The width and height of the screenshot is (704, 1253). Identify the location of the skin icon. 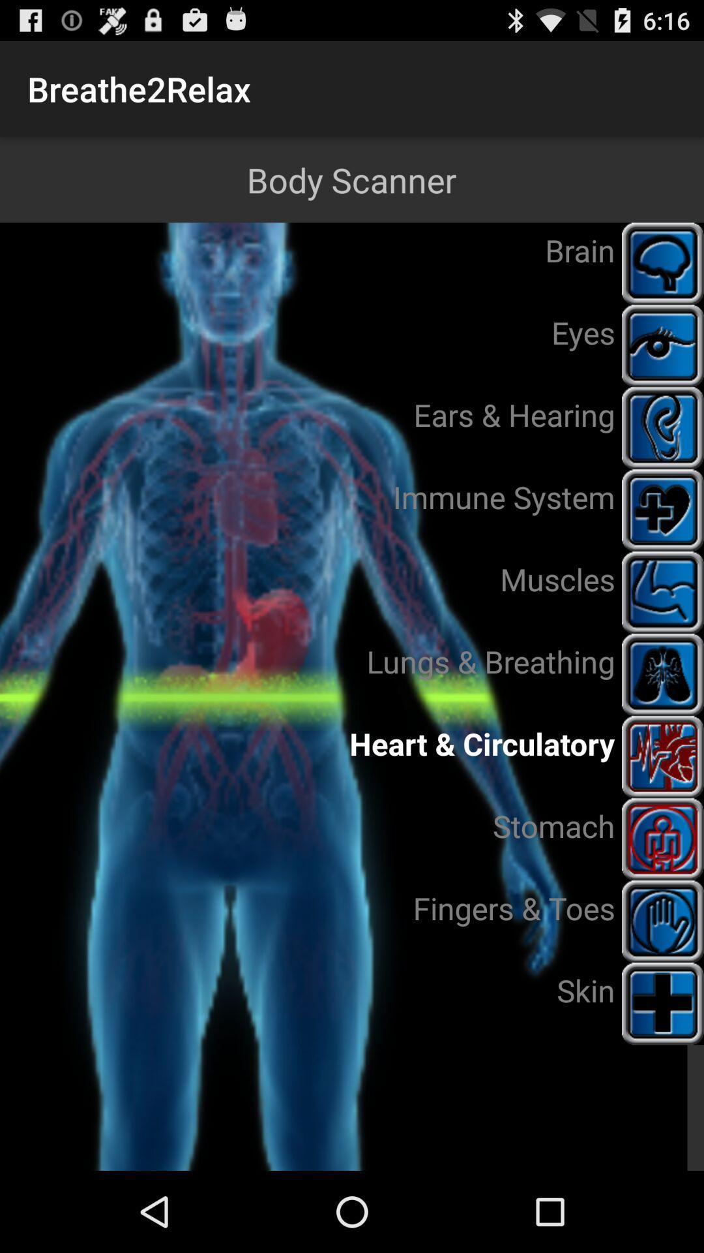
(663, 1002).